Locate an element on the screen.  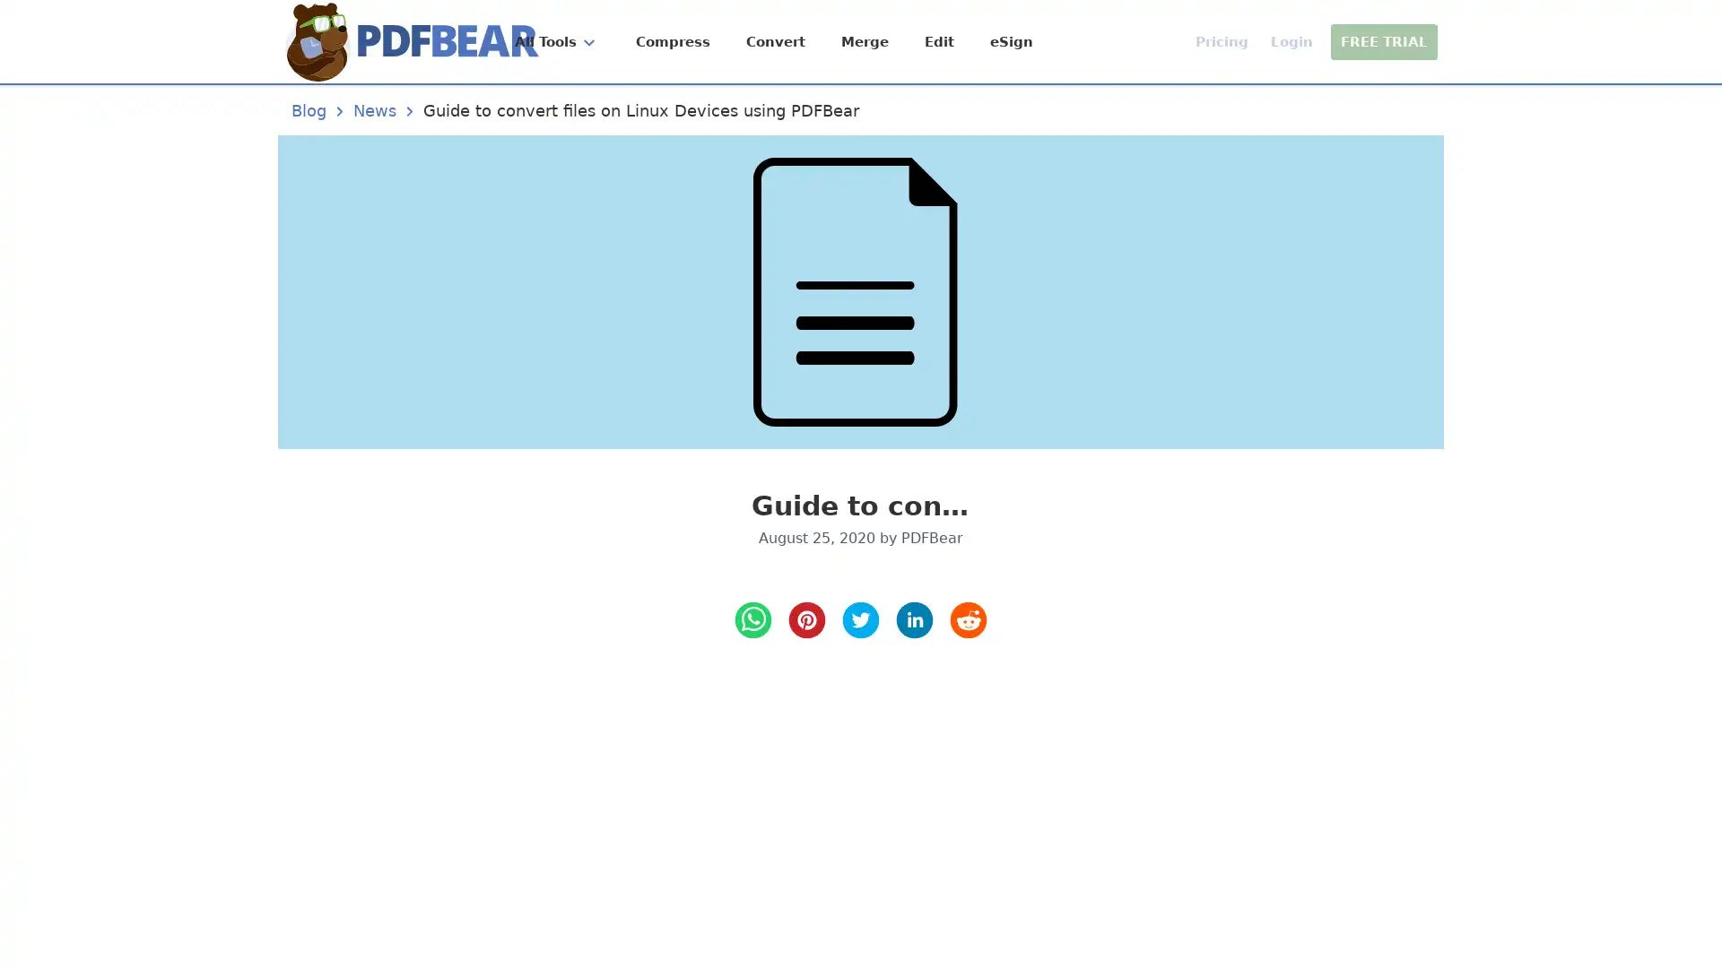
Pricing is located at coordinates (1220, 40).